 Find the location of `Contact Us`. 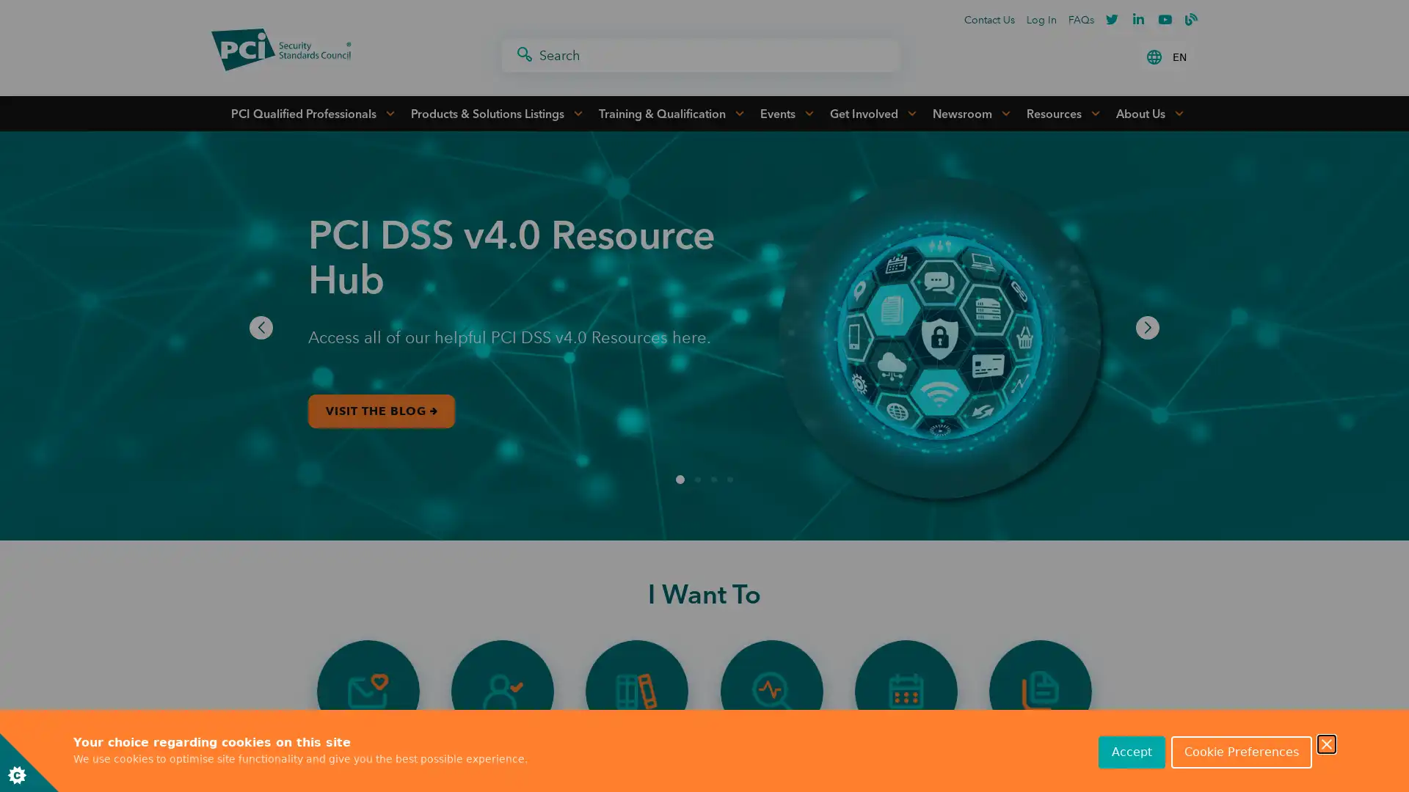

Contact Us is located at coordinates (989, 20).